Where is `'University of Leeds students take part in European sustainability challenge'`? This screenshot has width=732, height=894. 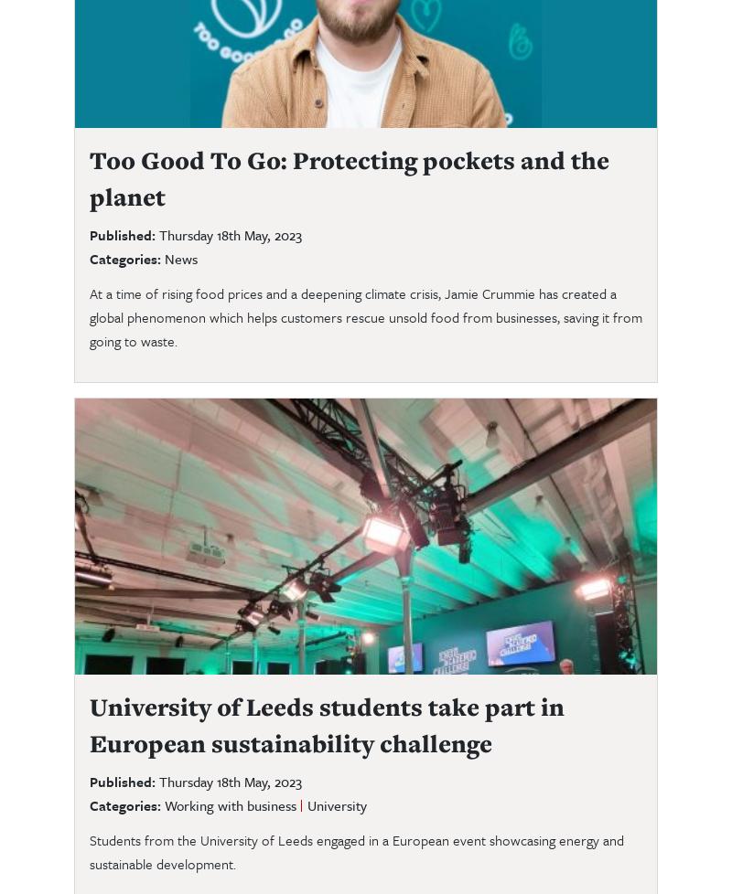 'University of Leeds students take part in European sustainability challenge' is located at coordinates (327, 723).